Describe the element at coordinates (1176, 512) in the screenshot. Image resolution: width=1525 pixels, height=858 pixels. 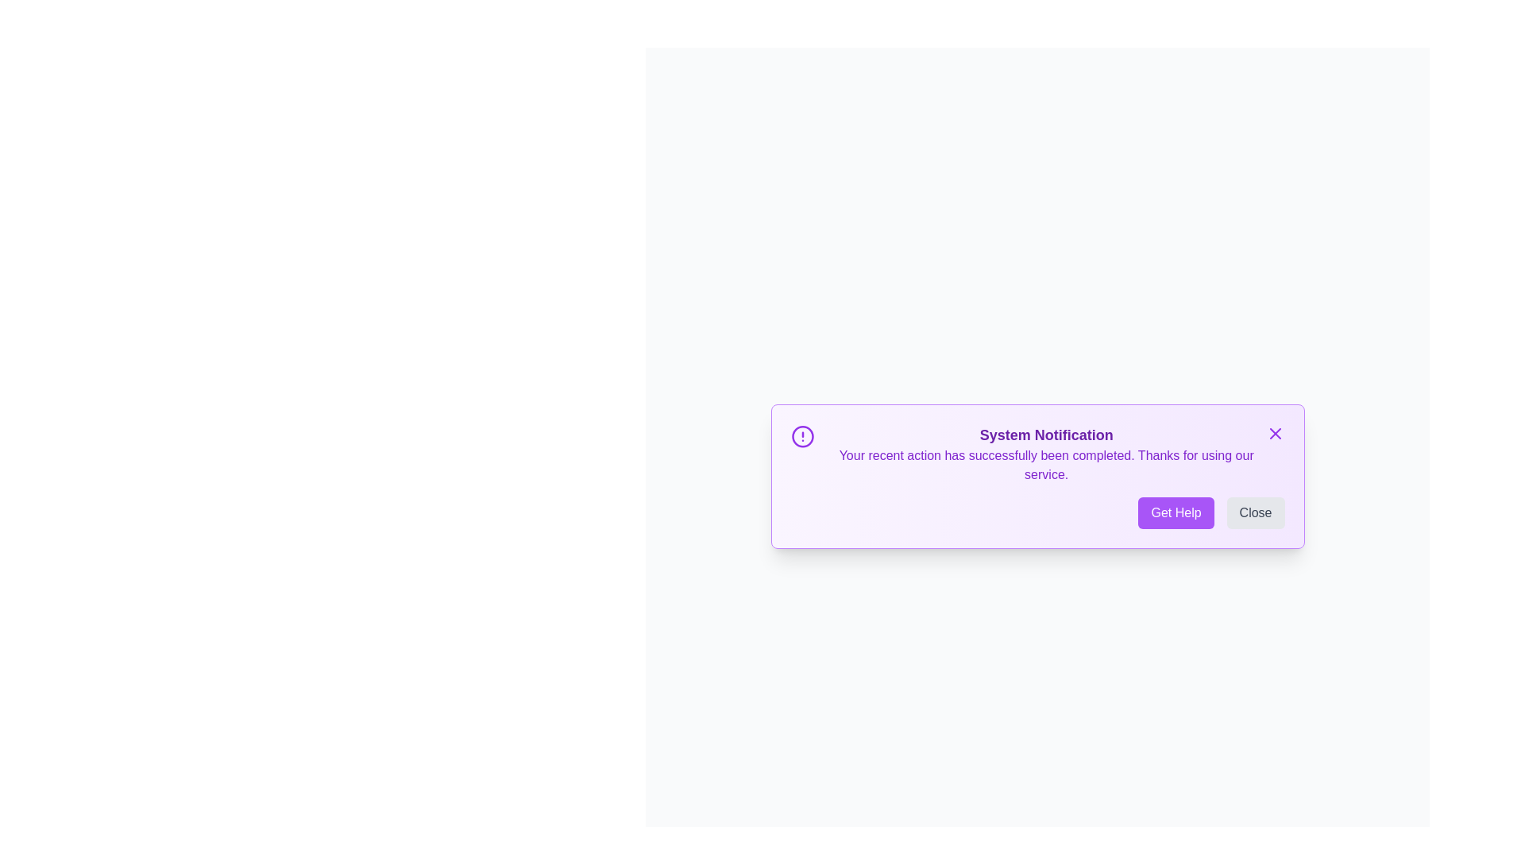
I see `the assistance button located in the bottom-right section of the 'System Notification' dialog box` at that location.